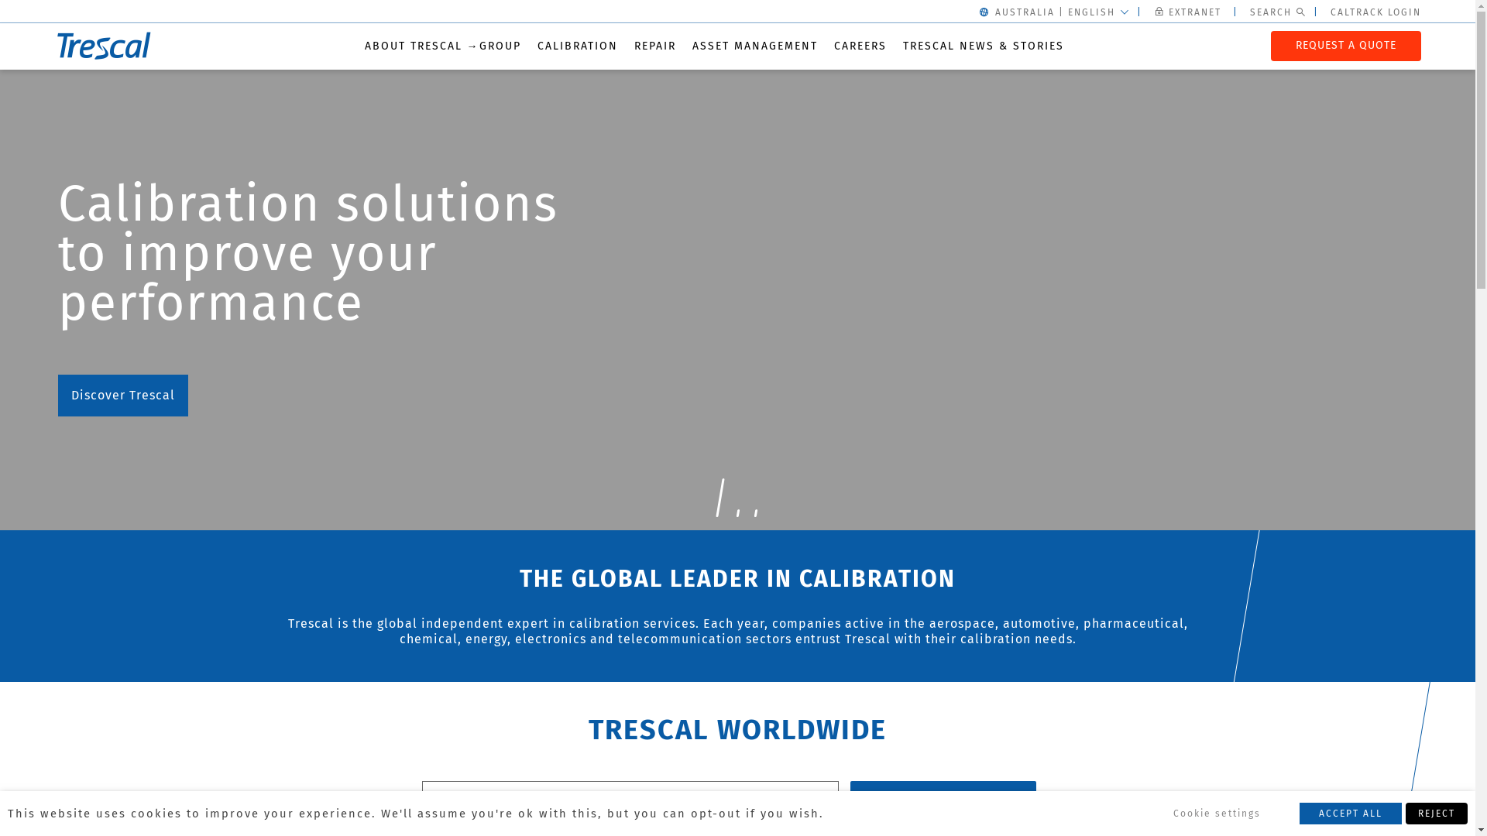 This screenshot has height=836, width=1487. What do you see at coordinates (903, 45) in the screenshot?
I see `'TRESCAL NEWS & STORIES'` at bounding box center [903, 45].